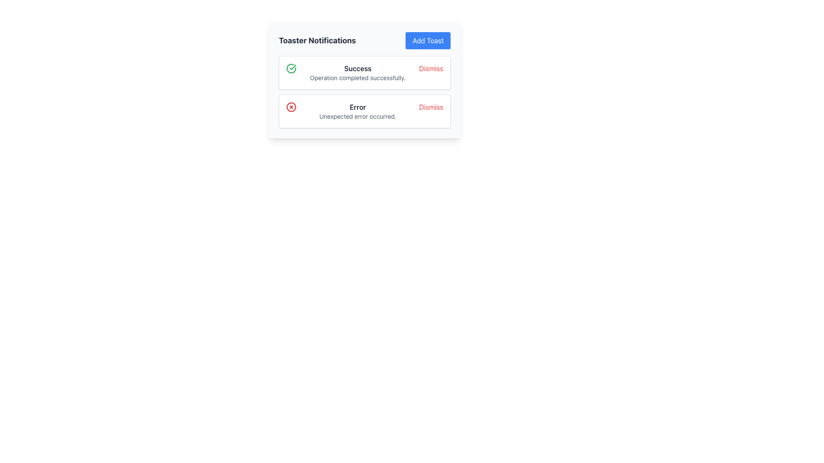 This screenshot has height=463, width=824. What do you see at coordinates (357, 78) in the screenshot?
I see `the text label that reads 'Operation completed successfully.' which is located beneath the bolded 'Success' text in the notification card` at bounding box center [357, 78].